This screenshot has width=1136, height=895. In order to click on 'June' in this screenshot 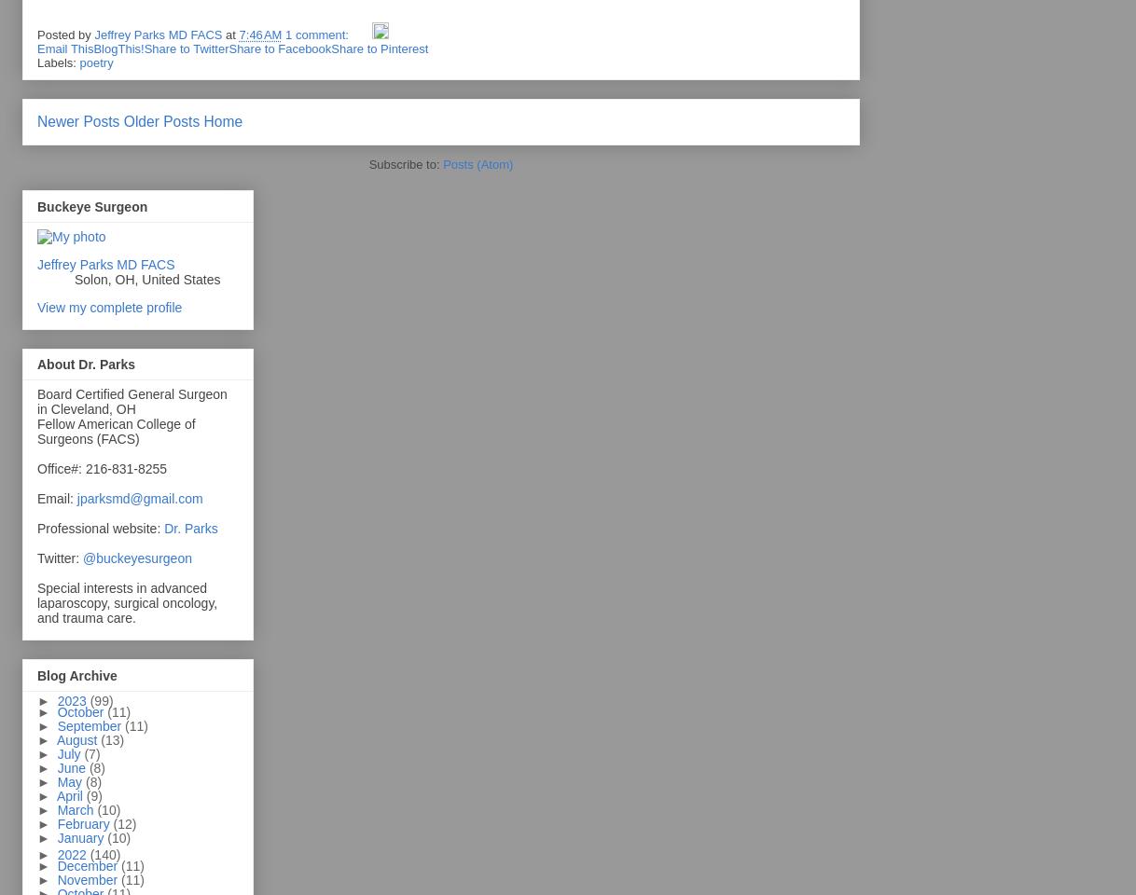, I will do `click(71, 767)`.